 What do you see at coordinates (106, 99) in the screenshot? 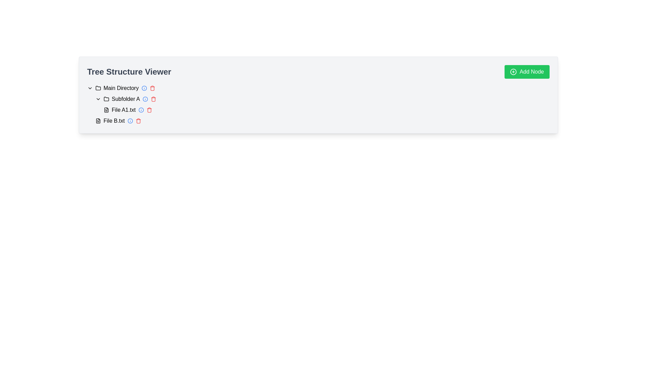
I see `the Icon (Folder) representing 'Subfolder A' located in the 'Tree Structure Viewer' panel, positioned below the 'Main Directory' entry` at bounding box center [106, 99].